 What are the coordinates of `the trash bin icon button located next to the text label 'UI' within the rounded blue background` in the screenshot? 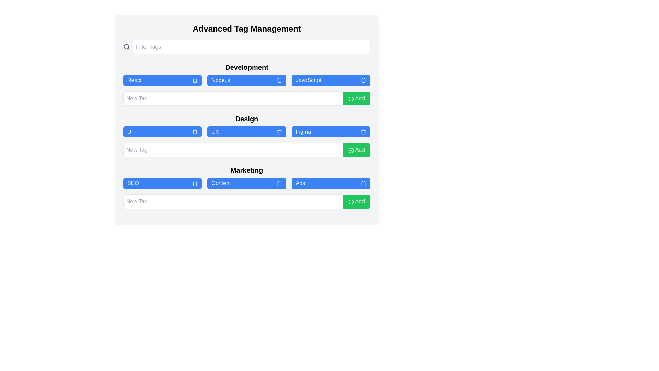 It's located at (194, 132).